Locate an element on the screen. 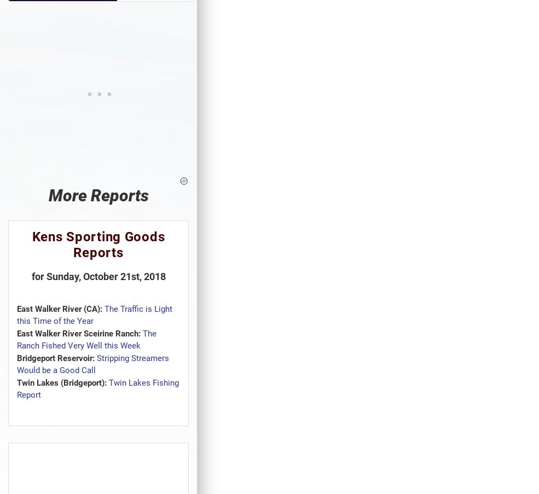 The height and width of the screenshot is (494, 539). 'Stripping Streamers Would be a Good Call' is located at coordinates (93, 363).